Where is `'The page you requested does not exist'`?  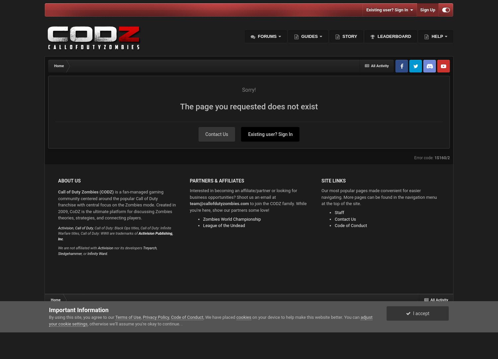 'The page you requested does not exist' is located at coordinates (248, 106).